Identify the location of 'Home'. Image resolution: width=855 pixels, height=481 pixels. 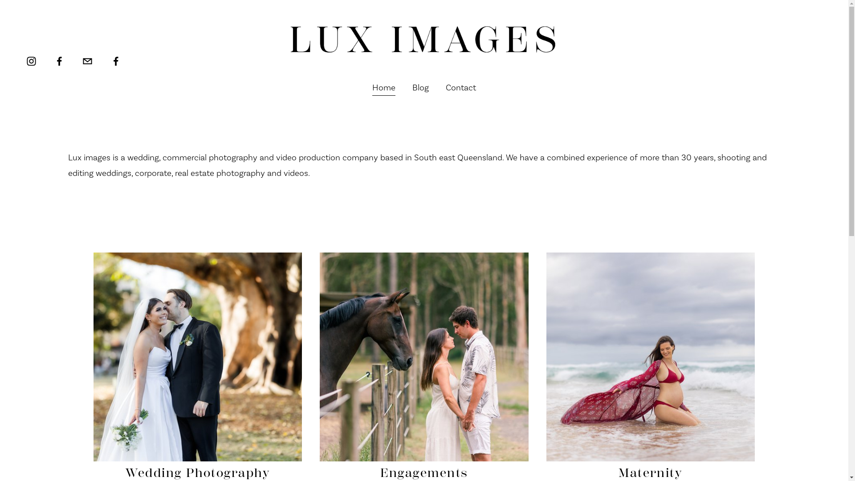
(384, 87).